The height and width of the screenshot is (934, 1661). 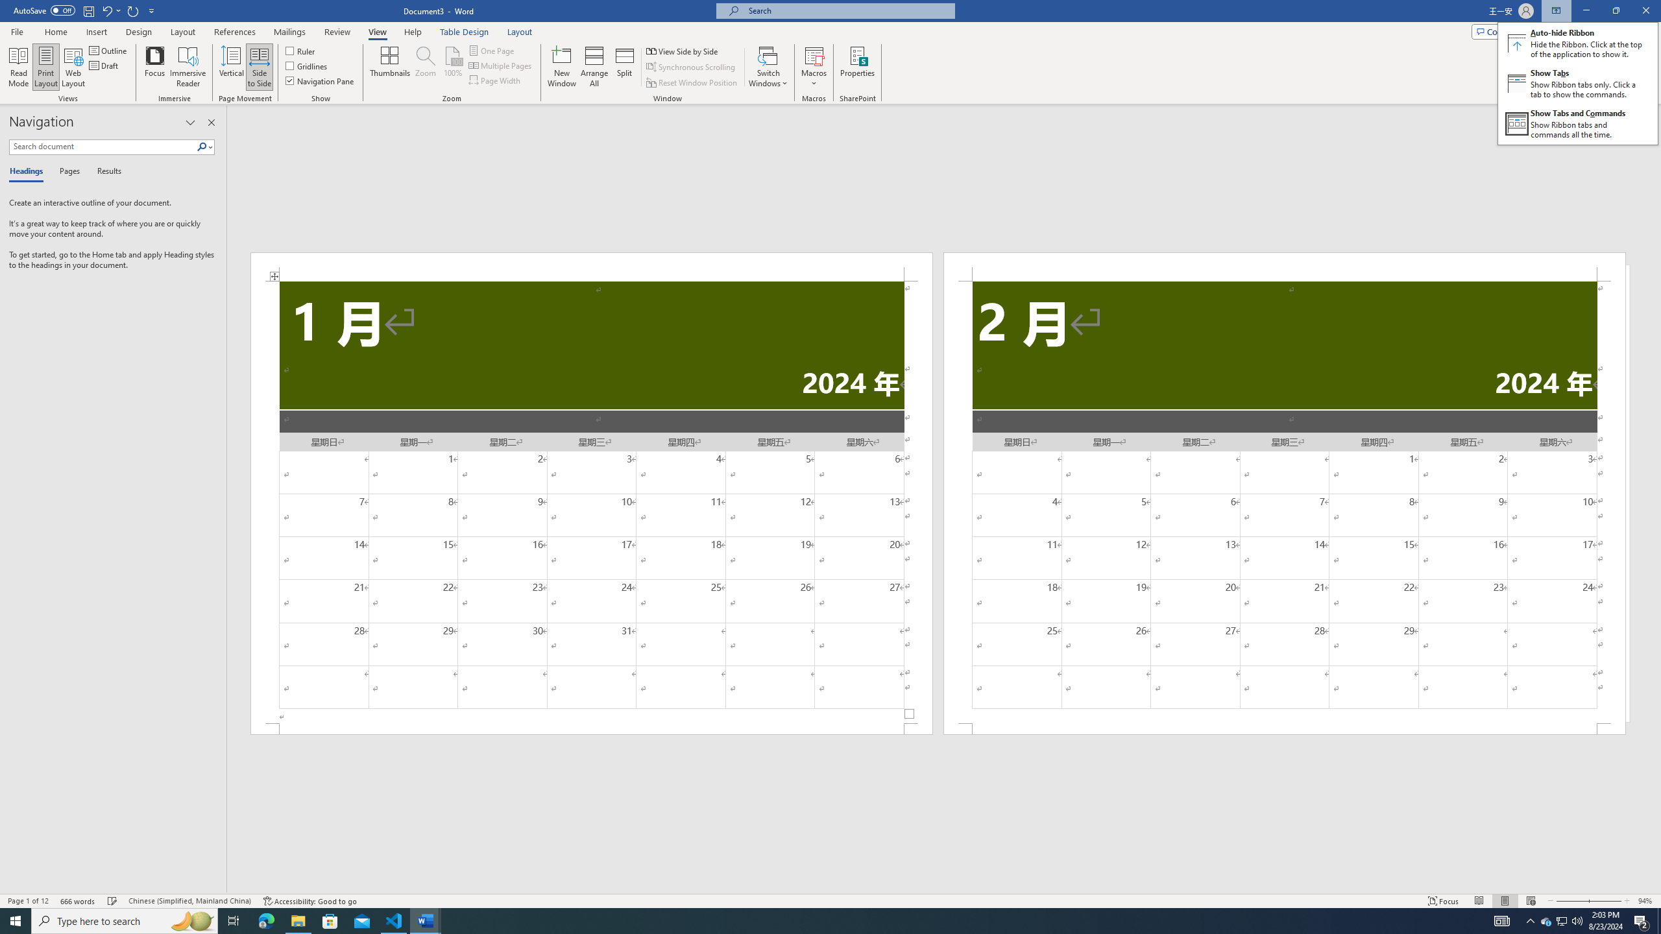 I want to click on 'Language Chinese (Simplified, Mainland China)', so click(x=188, y=901).